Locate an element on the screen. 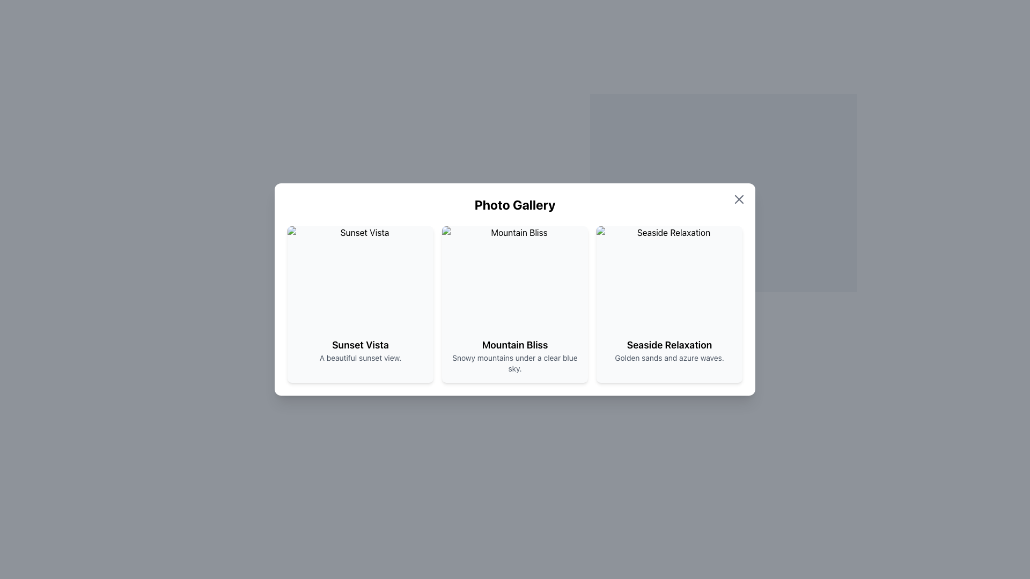 This screenshot has width=1030, height=579. the third card in the gallery layout is located at coordinates (669, 304).